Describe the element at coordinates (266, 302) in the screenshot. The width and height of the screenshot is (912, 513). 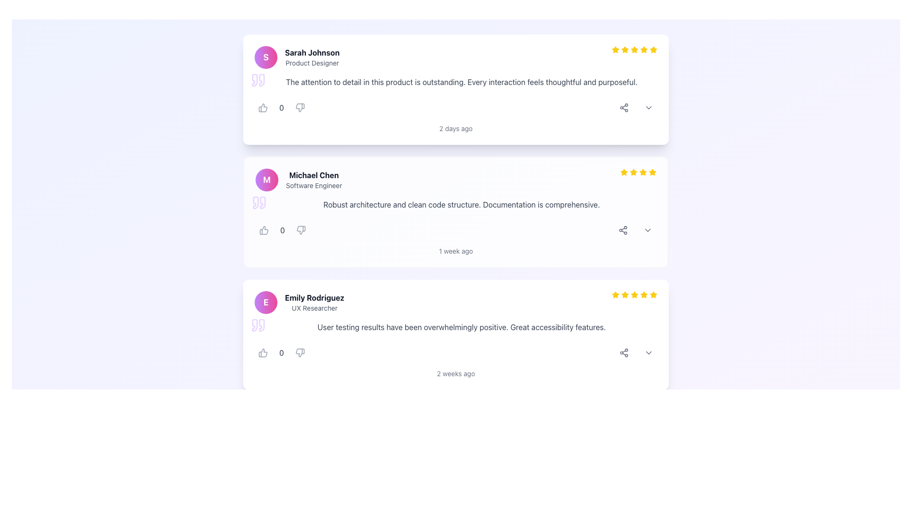
I see `the circular Avatar or Profile Icon with a gradient background and the letter 'E', located at the leftmost side of the third user review section before the text 'Emily Rodriguez UX Researcher'` at that location.